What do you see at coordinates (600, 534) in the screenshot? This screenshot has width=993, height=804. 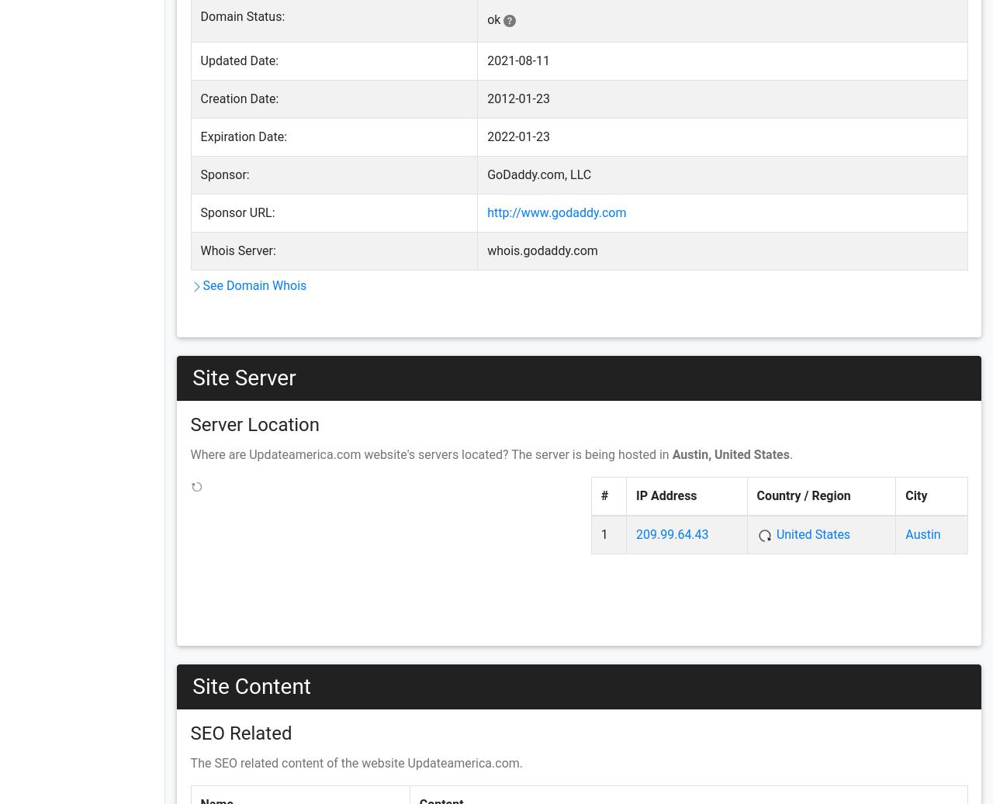 I see `'1'` at bounding box center [600, 534].